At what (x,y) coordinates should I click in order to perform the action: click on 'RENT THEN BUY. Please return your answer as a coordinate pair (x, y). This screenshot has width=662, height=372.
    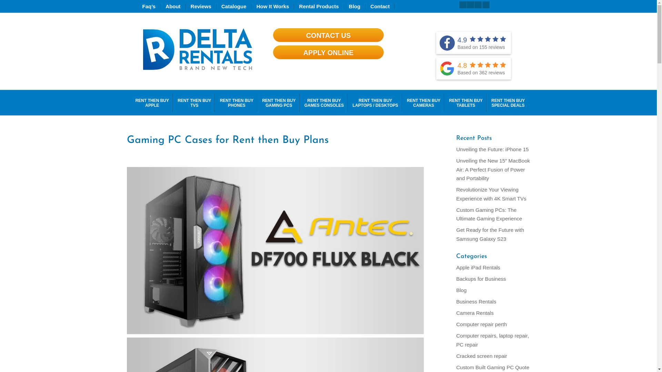
    Looking at the image, I should click on (465, 103).